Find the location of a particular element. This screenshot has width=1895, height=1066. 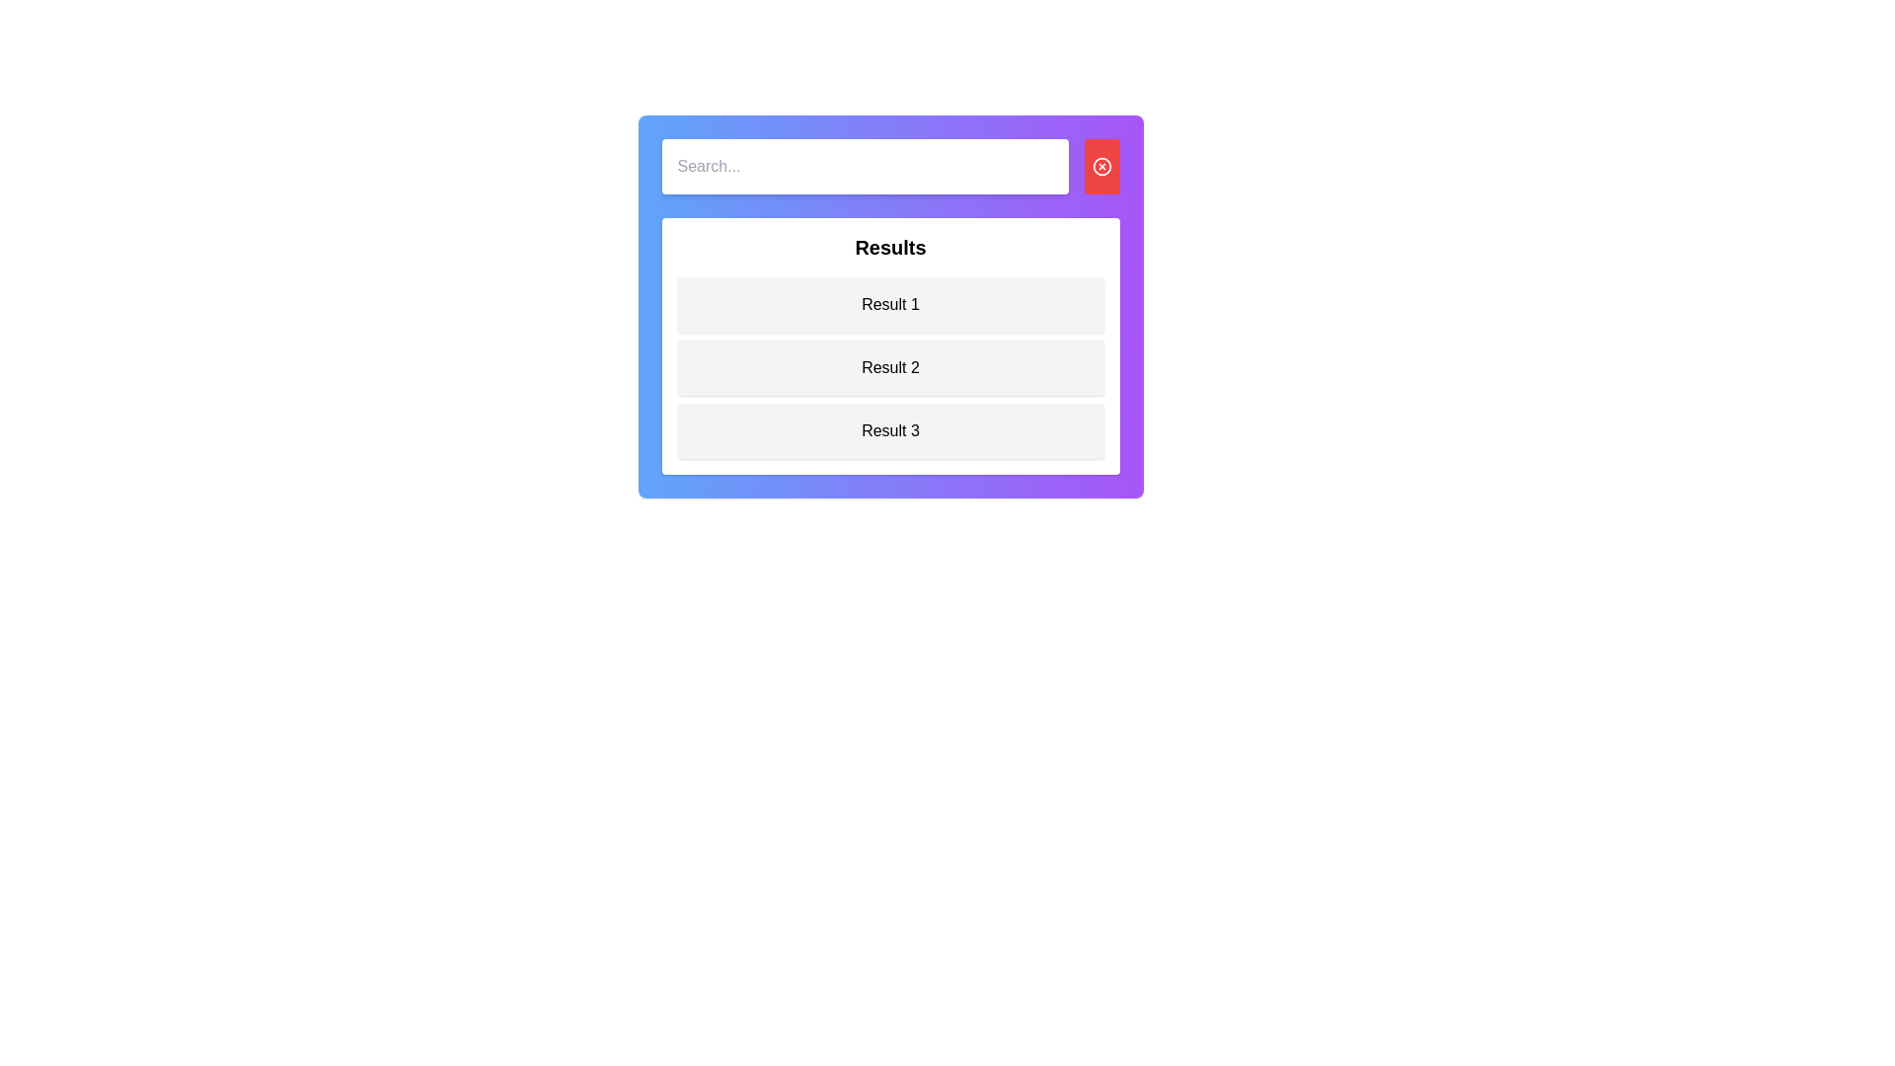

the List Item containing the text 'Result 3', which is a rectangular area with rounded corners and a light gray background is located at coordinates (889, 429).